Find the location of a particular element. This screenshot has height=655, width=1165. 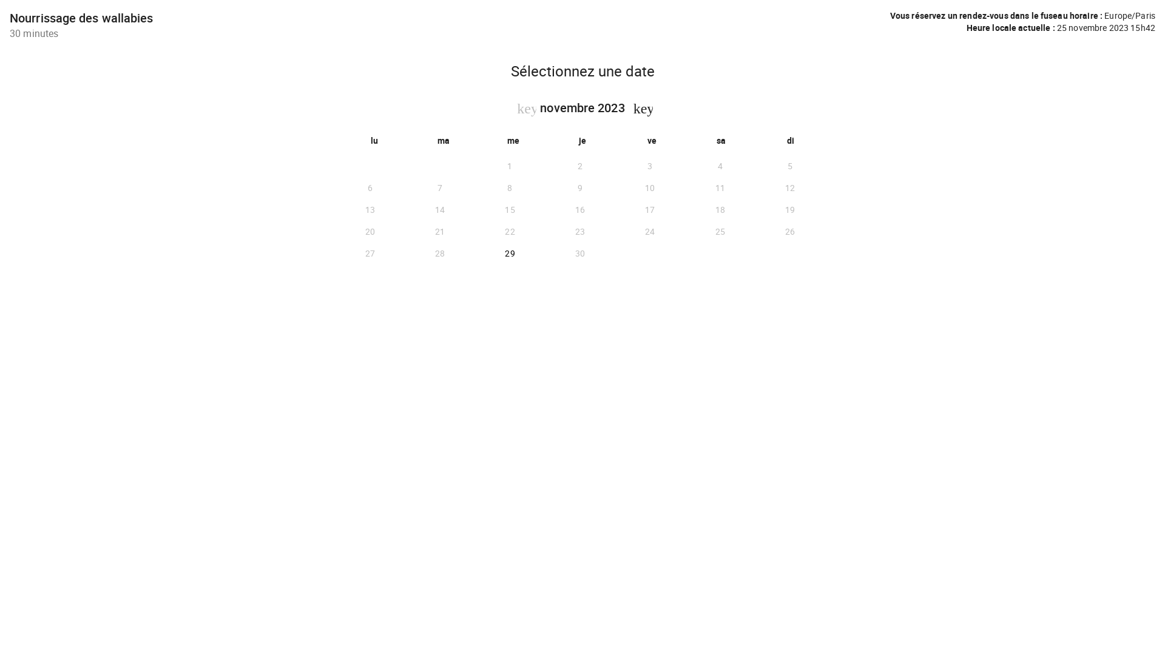

'18' is located at coordinates (684, 209).